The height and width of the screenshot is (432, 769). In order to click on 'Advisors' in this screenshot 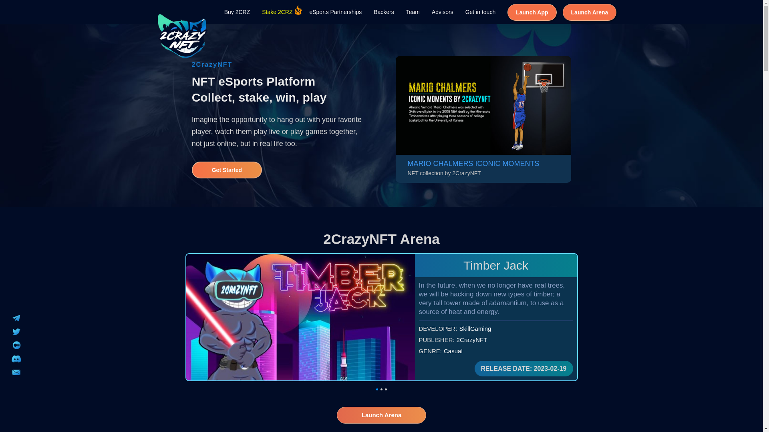, I will do `click(425, 12)`.